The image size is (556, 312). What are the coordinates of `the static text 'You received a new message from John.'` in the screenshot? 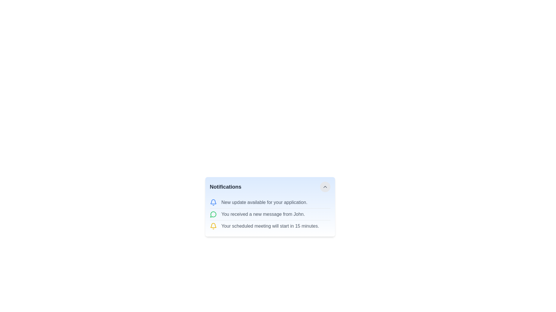 It's located at (263, 214).